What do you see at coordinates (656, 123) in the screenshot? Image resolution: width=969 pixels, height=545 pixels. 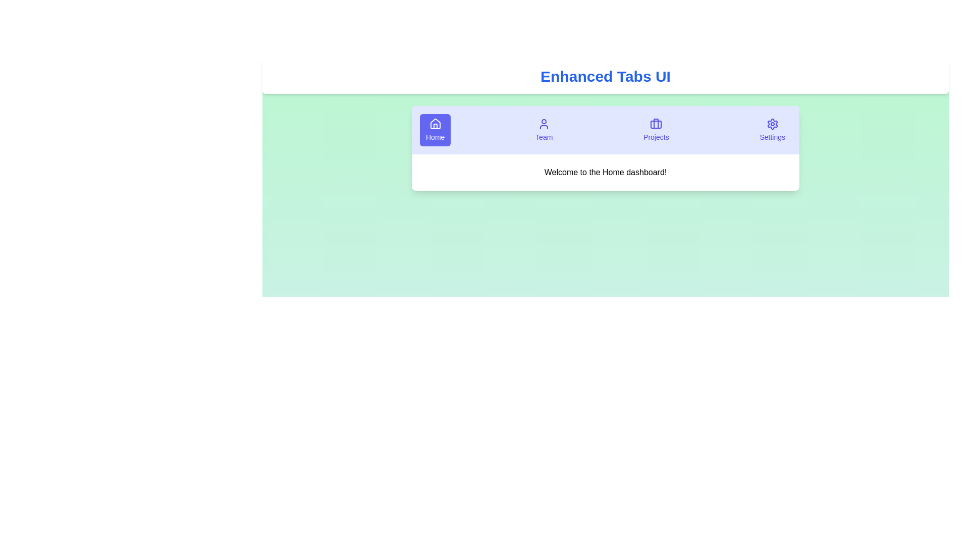 I see `the vertical line component of the briefcase icon within the 'Projects' tab, which is styled with a black stroke and rounded ends` at bounding box center [656, 123].